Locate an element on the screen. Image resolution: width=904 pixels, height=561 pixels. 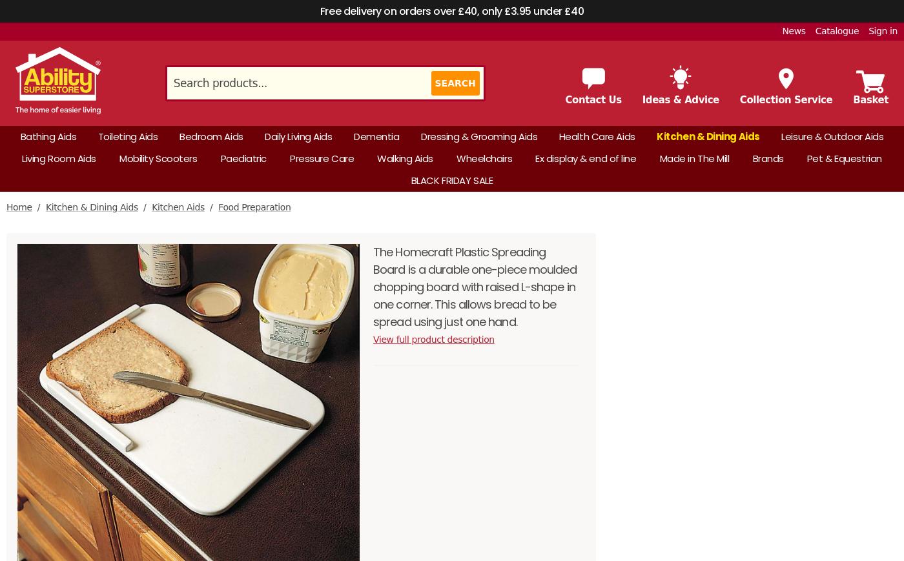
'Guides & Advice' is located at coordinates (156, 109).